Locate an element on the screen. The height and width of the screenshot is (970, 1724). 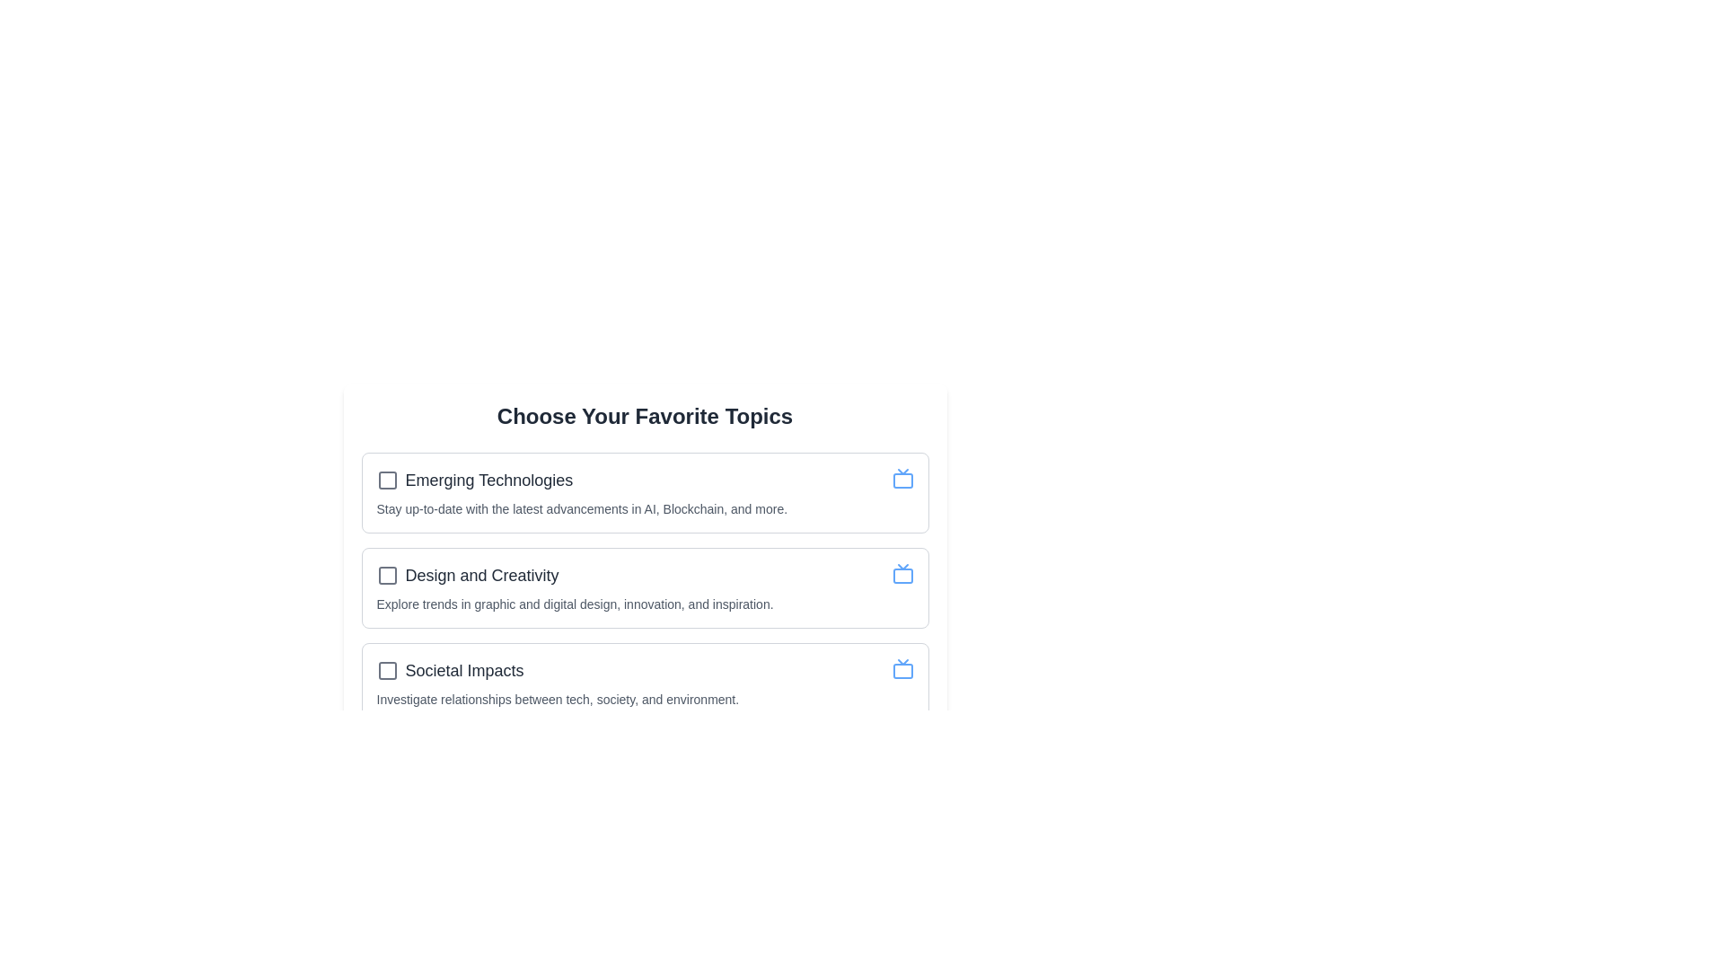
the checkbox located next to the 'Emerging Technologies' label is located at coordinates (386, 480).